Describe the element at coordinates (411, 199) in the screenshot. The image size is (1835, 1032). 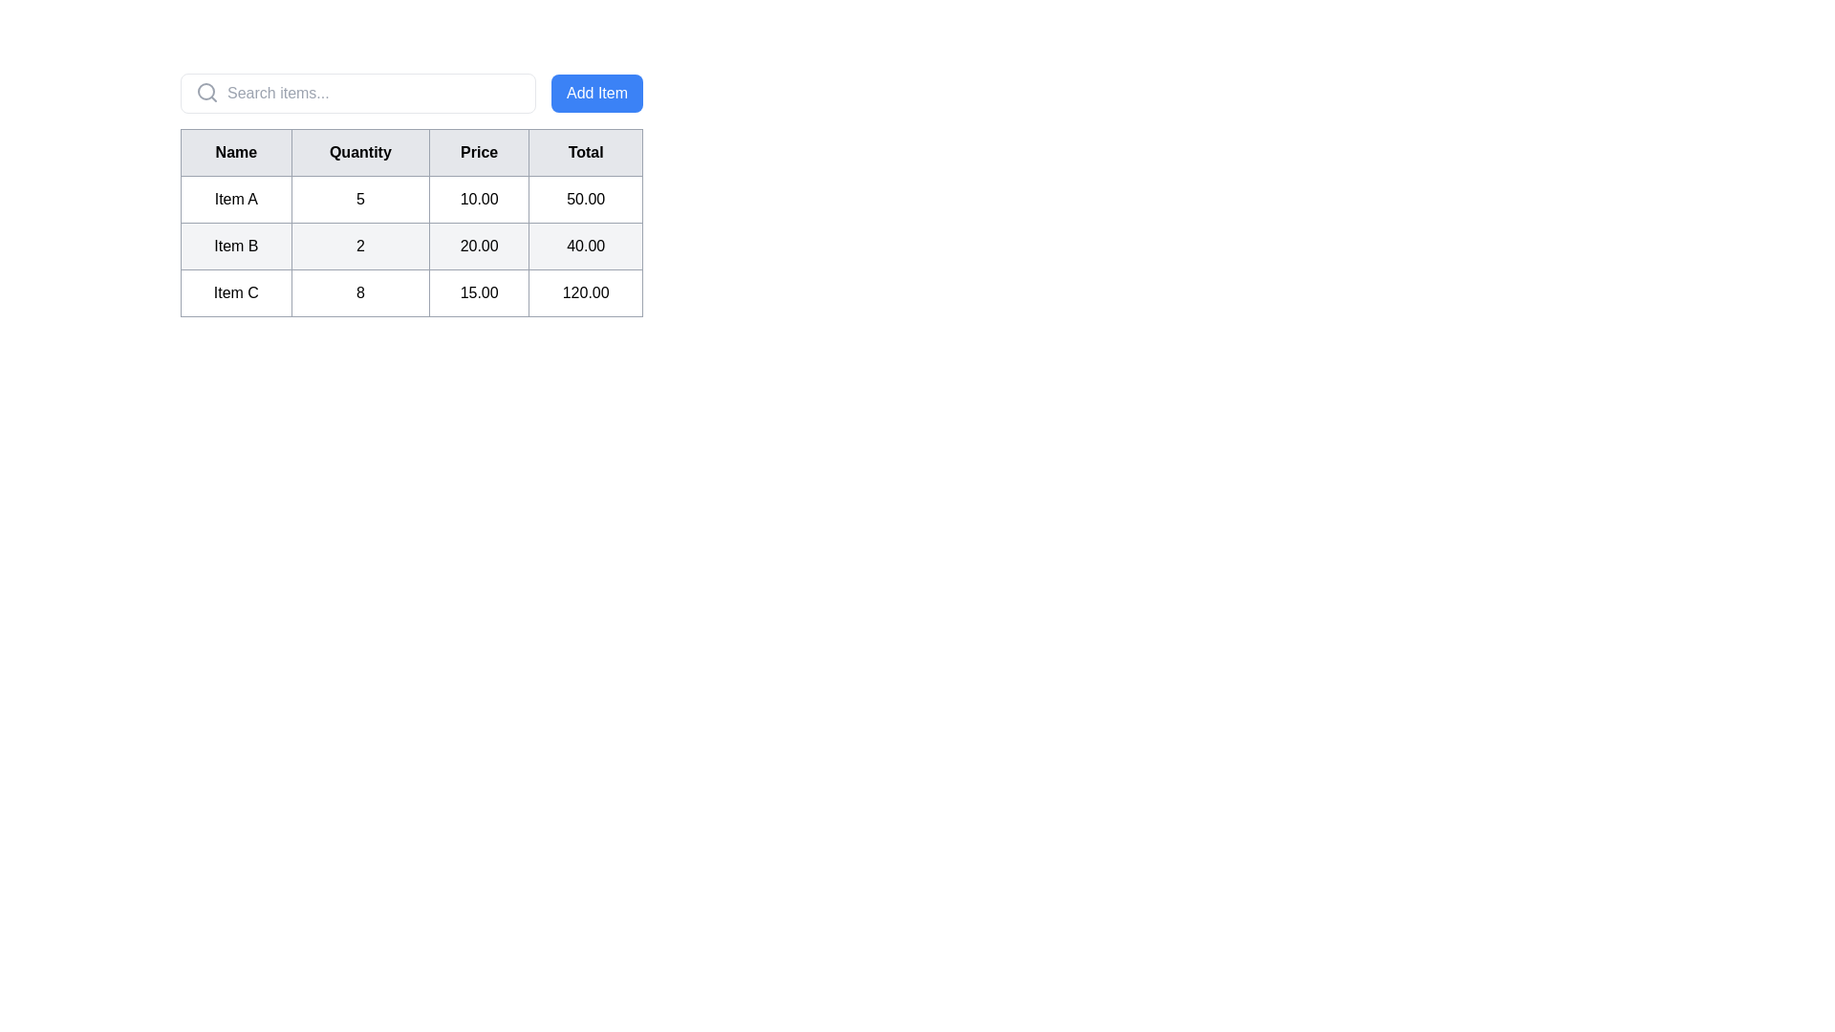
I see `the first row in the data table that provides information about 'Item A'` at that location.